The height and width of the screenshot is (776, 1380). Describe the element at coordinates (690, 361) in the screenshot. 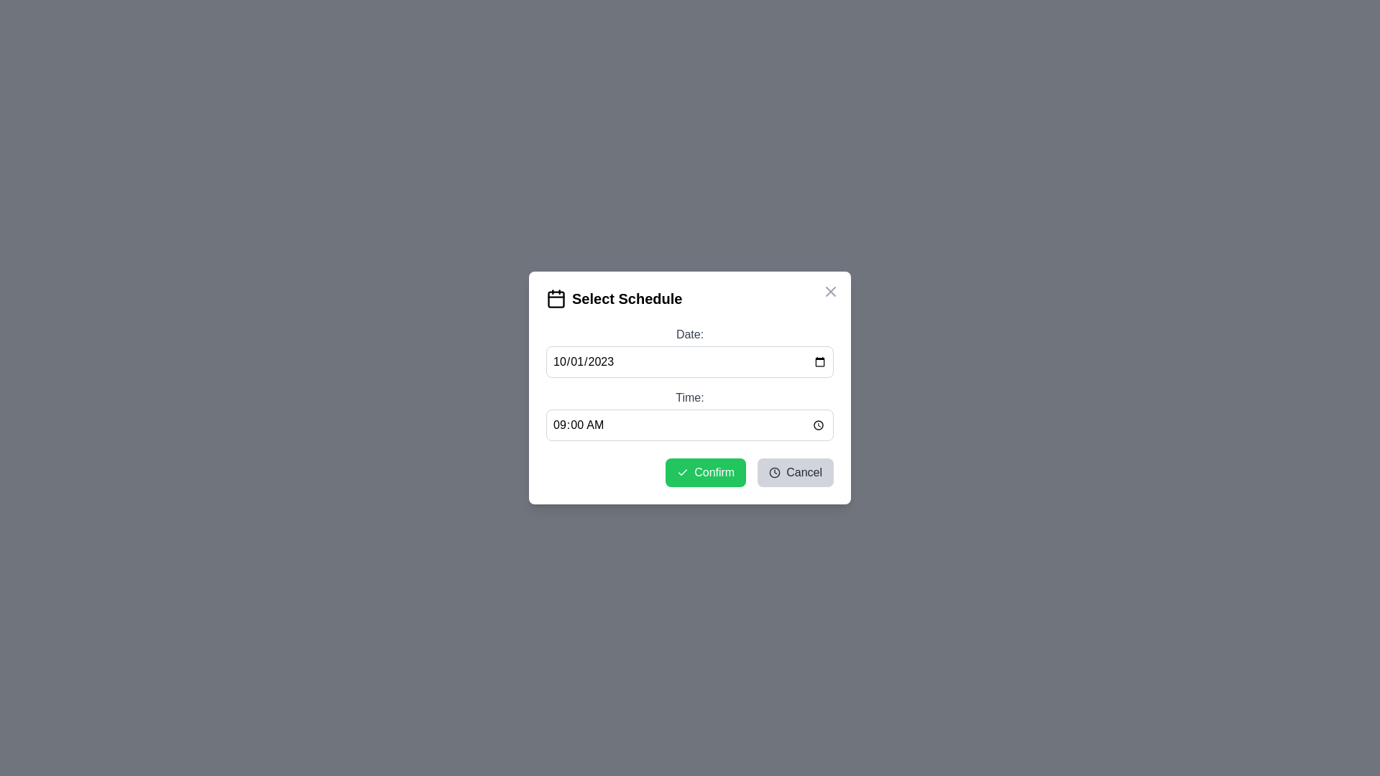

I see `the date input field to open the date picker` at that location.